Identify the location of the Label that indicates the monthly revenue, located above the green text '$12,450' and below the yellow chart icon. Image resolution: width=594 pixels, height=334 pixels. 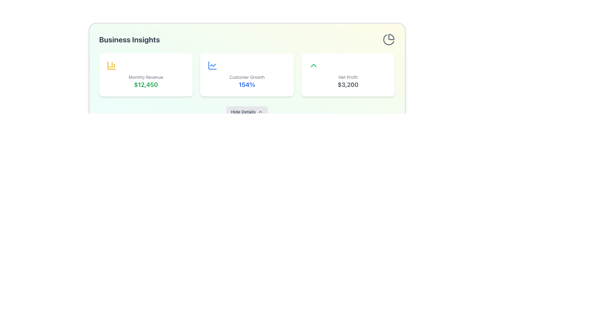
(145, 77).